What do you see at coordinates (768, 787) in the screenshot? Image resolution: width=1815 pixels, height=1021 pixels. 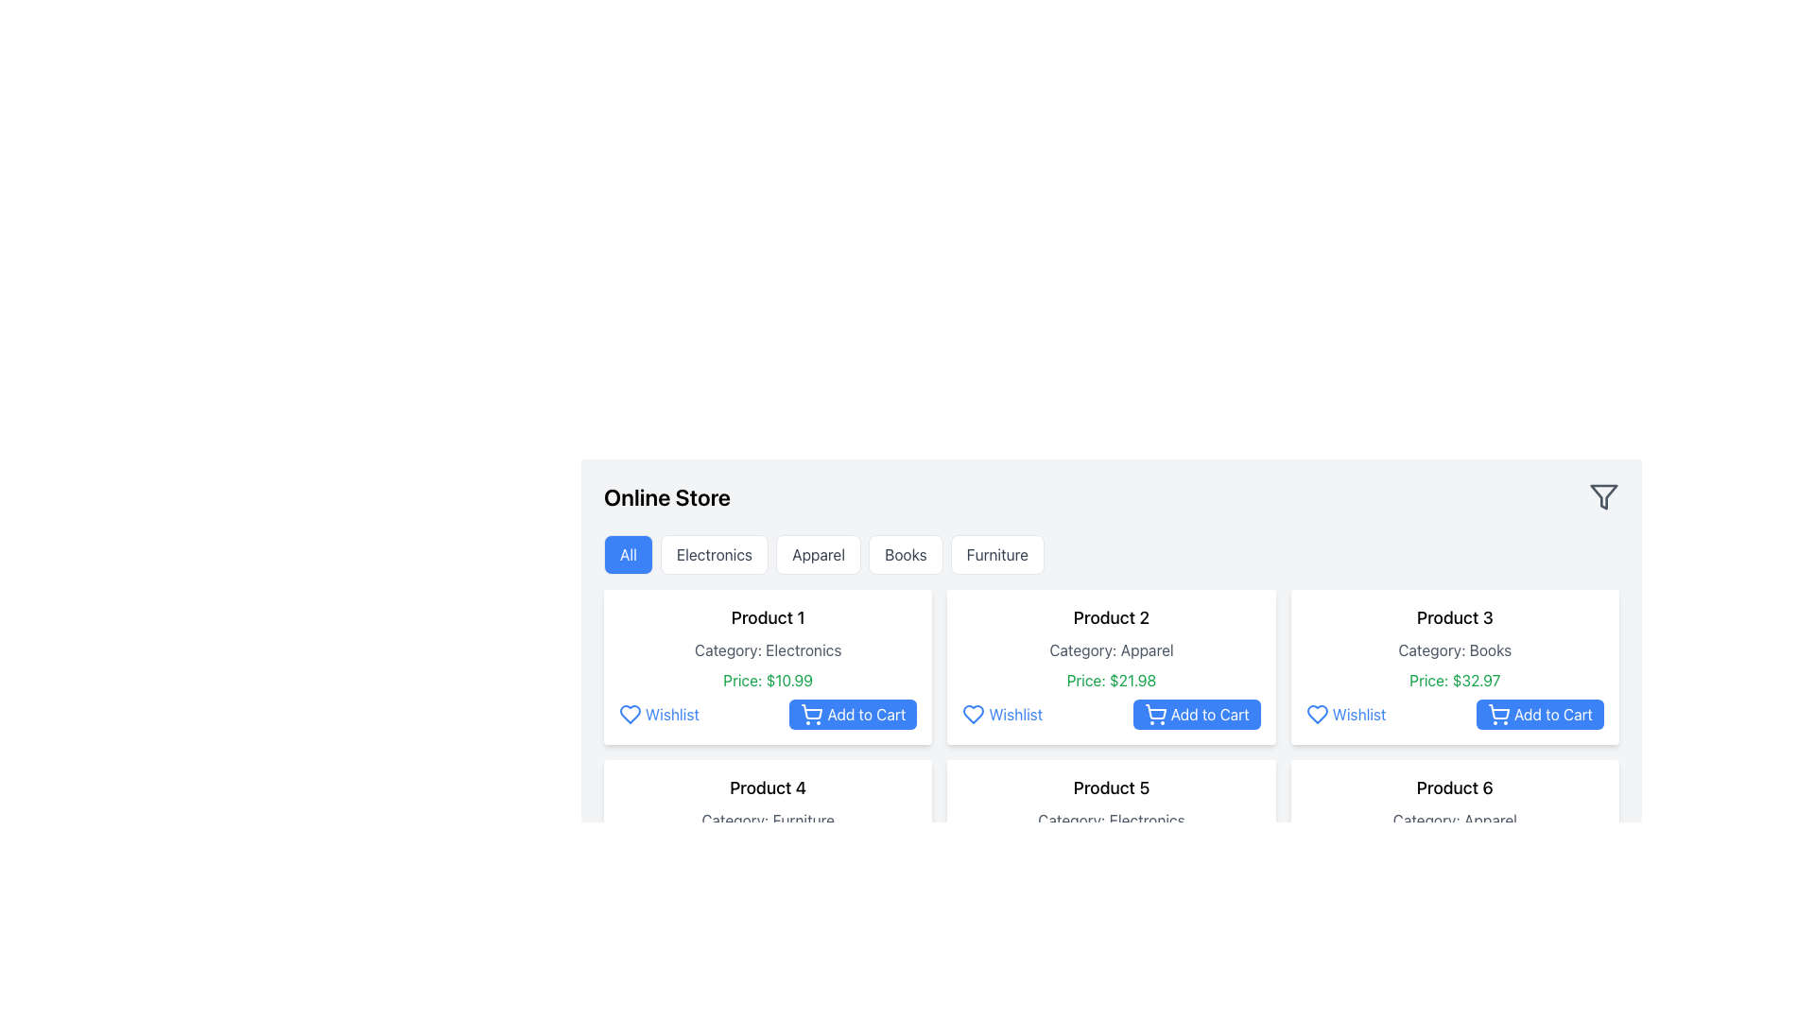 I see `the Text label that identifies the product, located in the leftmost card of the third row in the grid layout` at bounding box center [768, 787].